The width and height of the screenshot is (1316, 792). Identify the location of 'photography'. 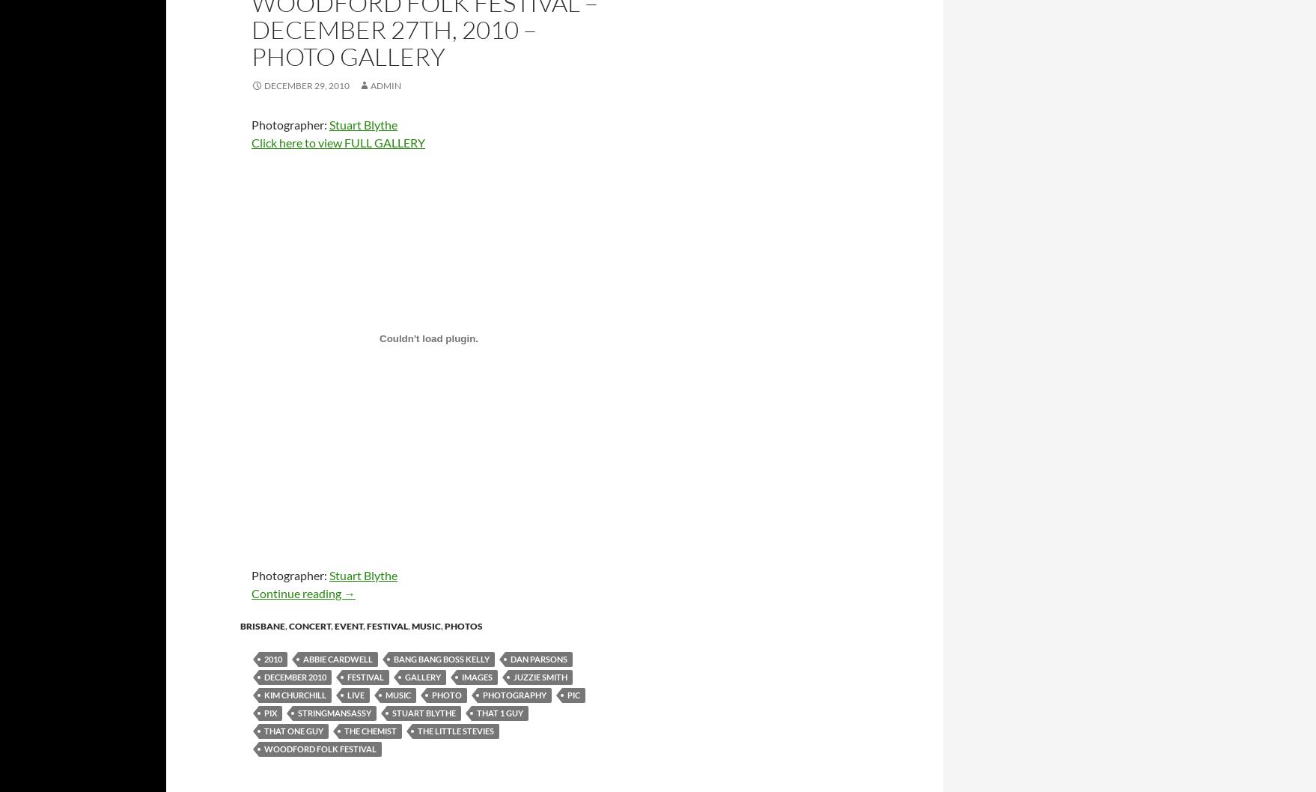
(514, 694).